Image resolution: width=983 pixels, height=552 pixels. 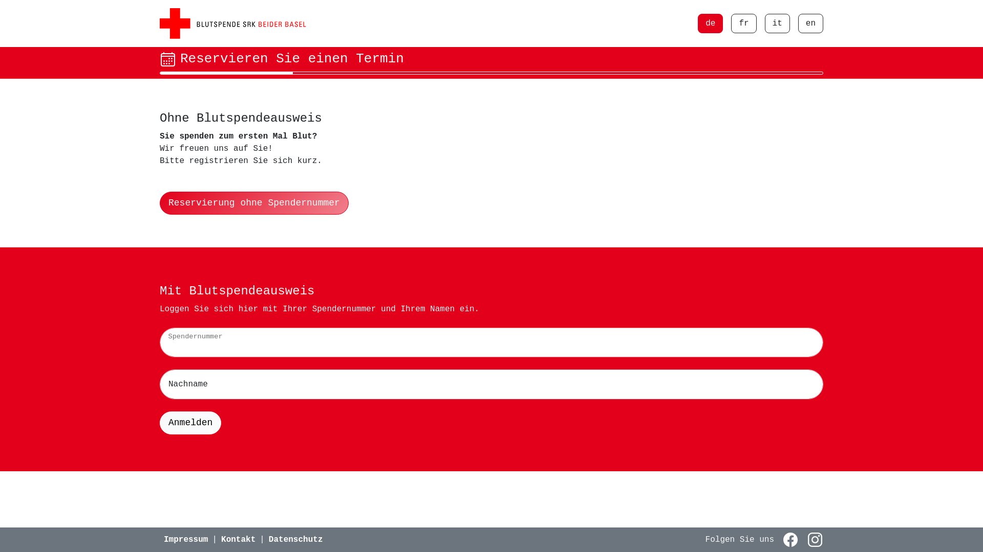 I want to click on 'de', so click(x=710, y=23).